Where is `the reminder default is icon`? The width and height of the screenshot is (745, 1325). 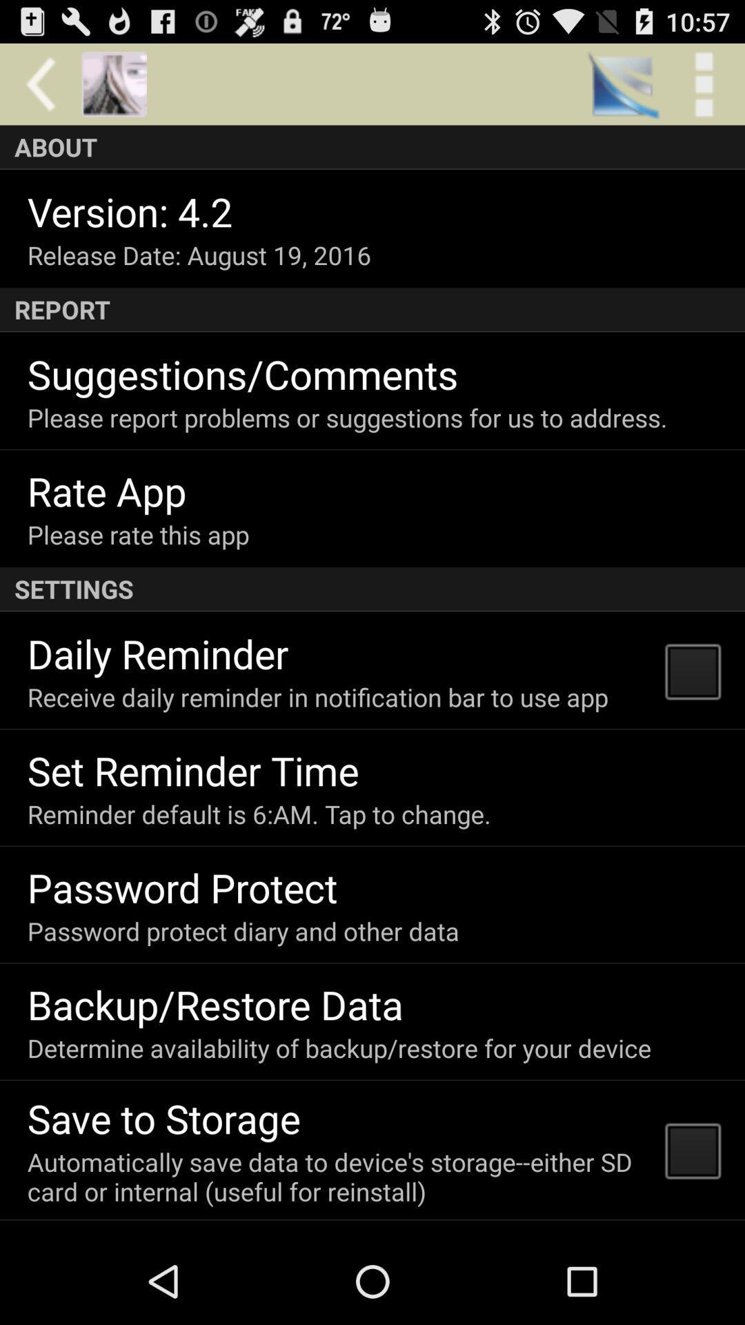
the reminder default is icon is located at coordinates (259, 814).